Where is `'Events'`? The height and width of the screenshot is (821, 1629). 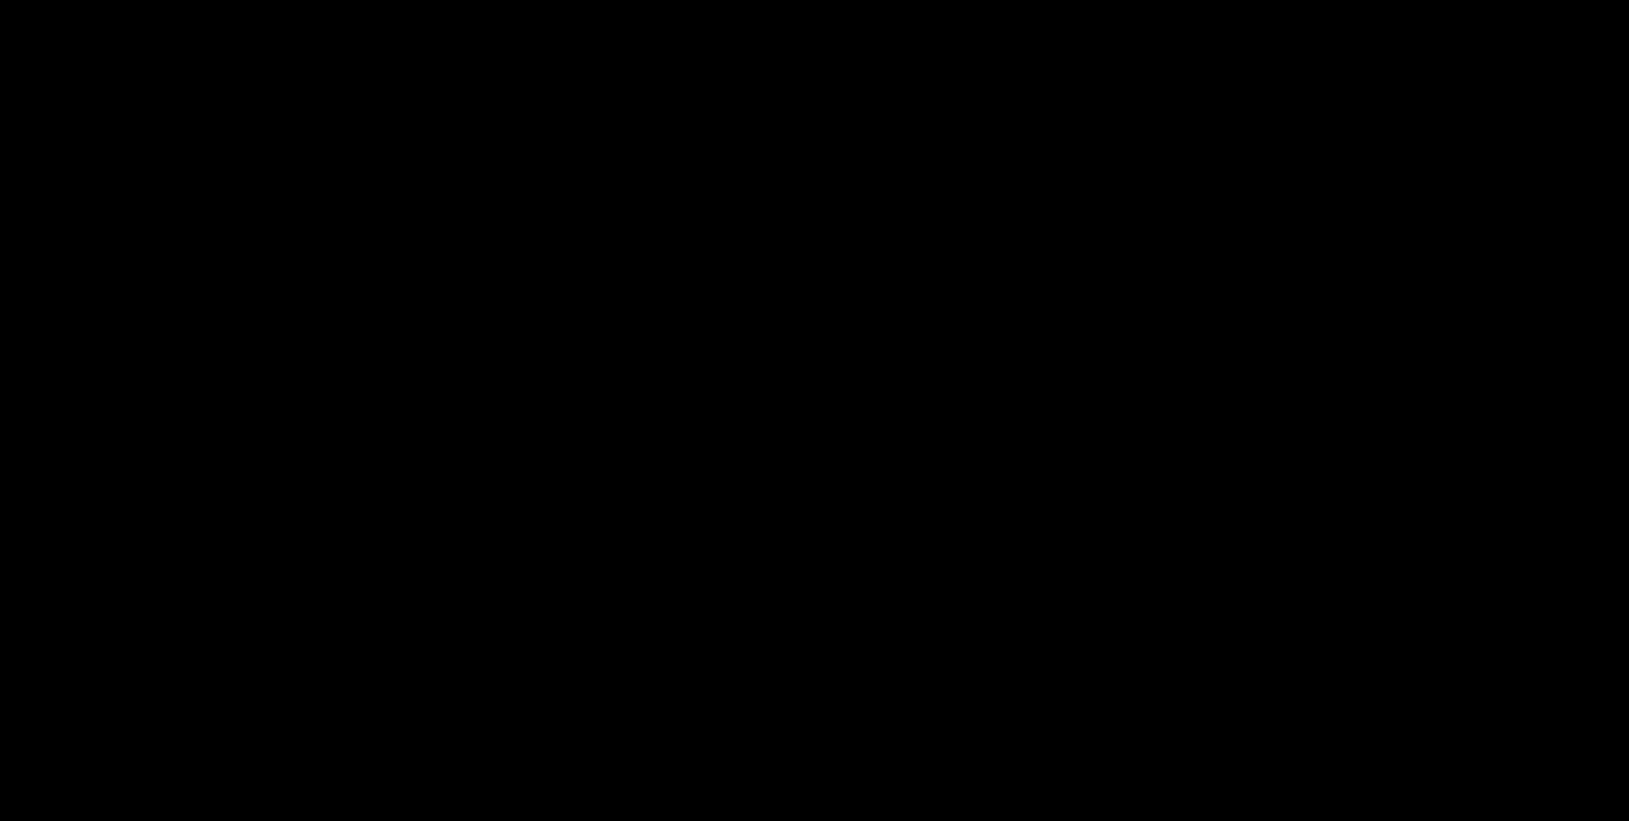 'Events' is located at coordinates (605, 53).